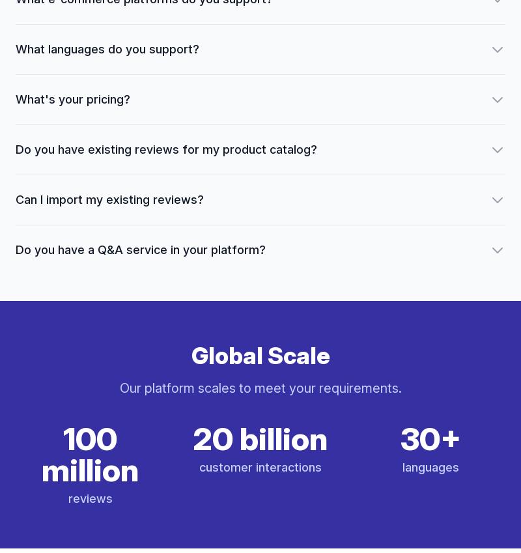 The width and height of the screenshot is (521, 553). Describe the element at coordinates (90, 453) in the screenshot. I see `'100 million'` at that location.